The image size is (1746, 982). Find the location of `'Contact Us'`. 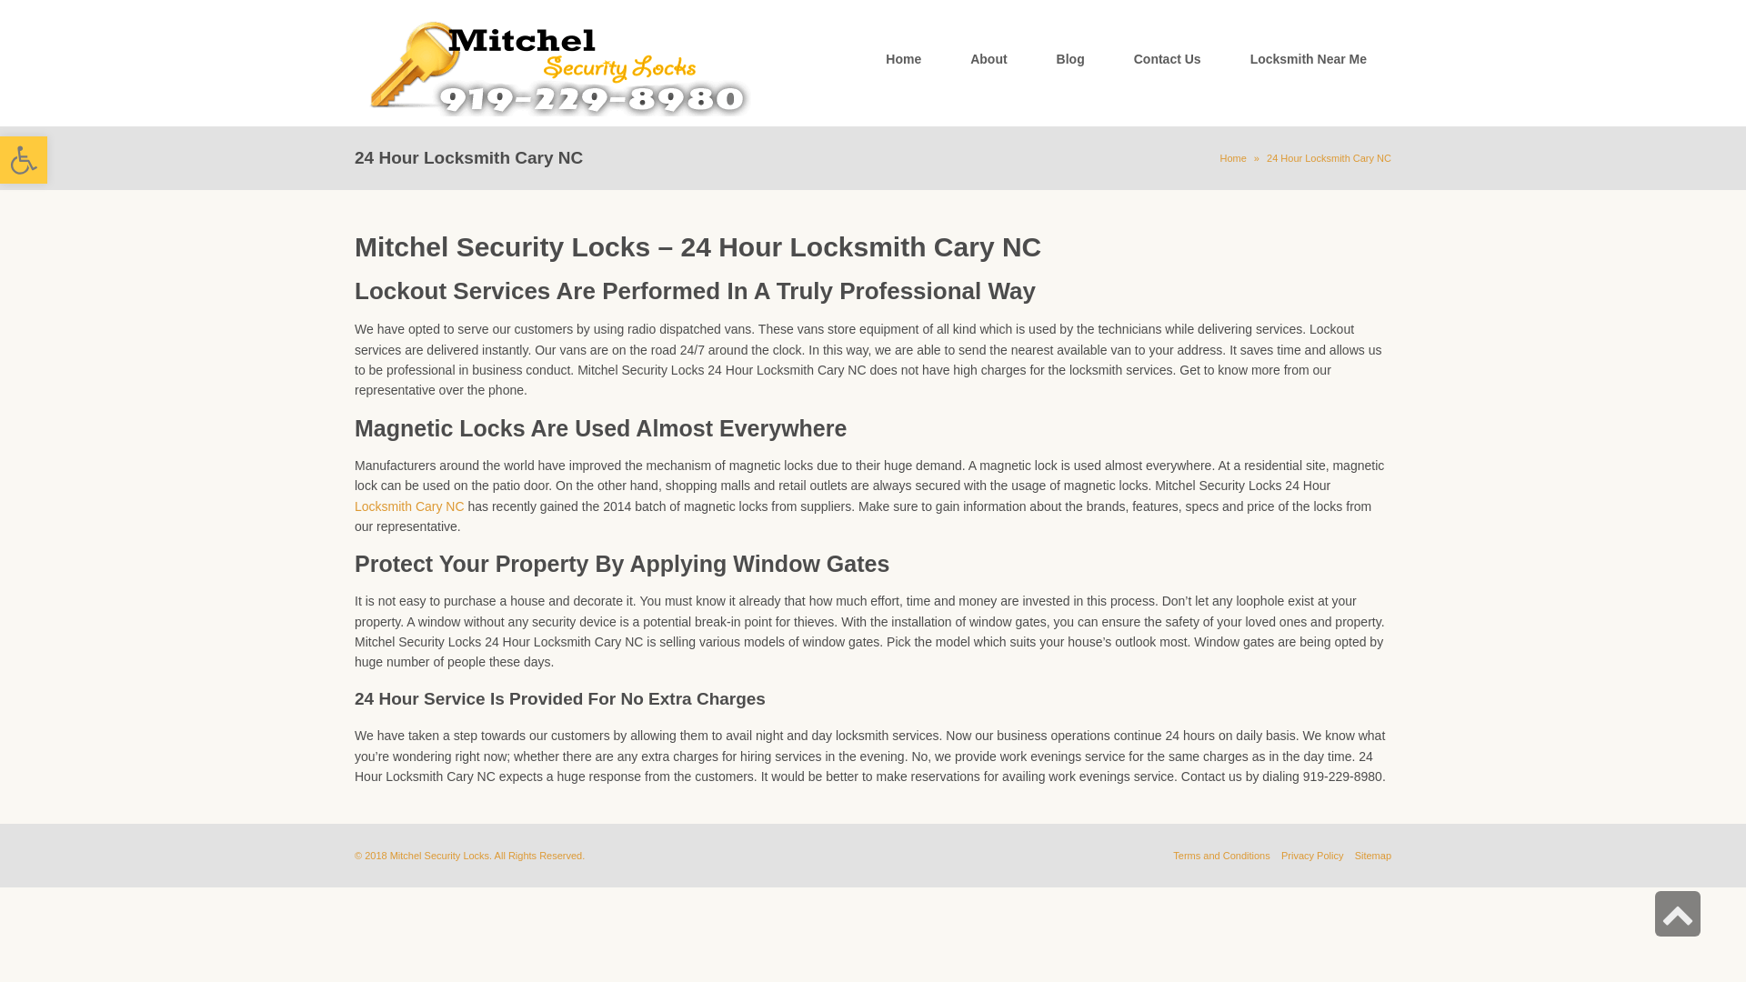

'Contact Us' is located at coordinates (1108, 58).